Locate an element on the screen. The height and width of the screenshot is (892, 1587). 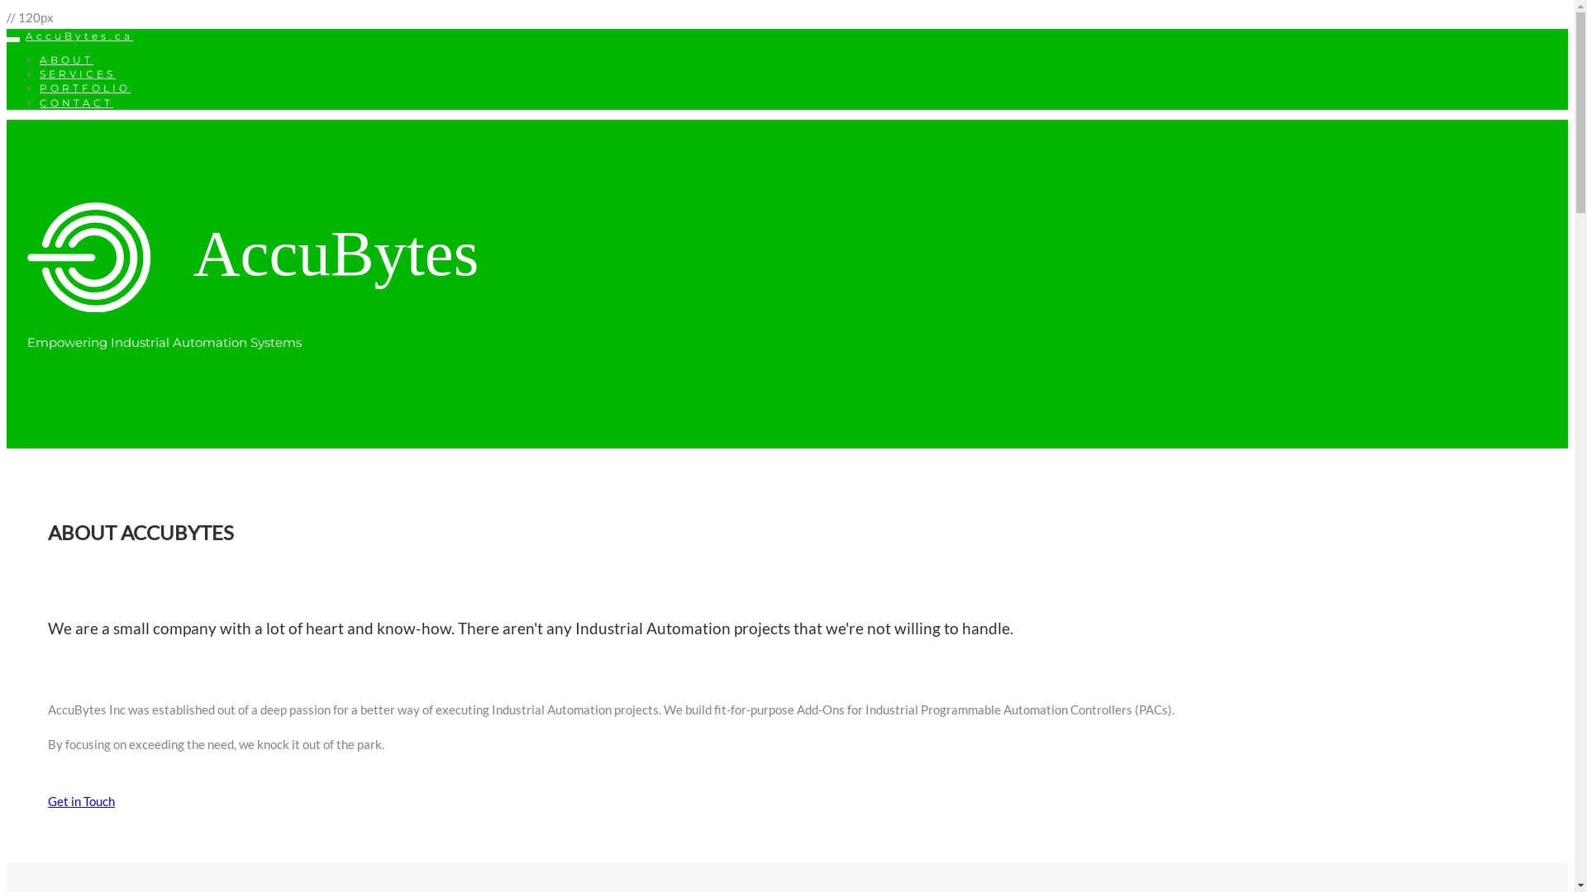
'AccuBytes.ca' is located at coordinates (79, 36).